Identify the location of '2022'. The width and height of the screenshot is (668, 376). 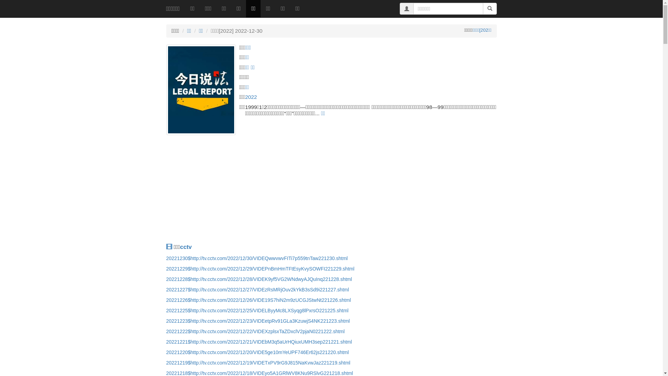
(250, 97).